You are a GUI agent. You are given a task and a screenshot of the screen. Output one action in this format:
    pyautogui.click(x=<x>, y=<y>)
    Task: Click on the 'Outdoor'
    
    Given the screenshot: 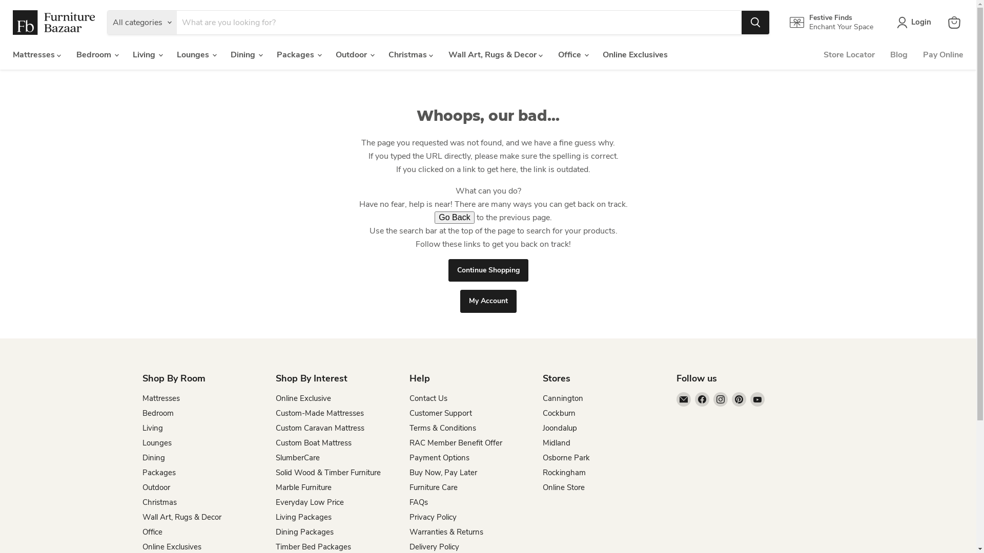 What is the action you would take?
    pyautogui.click(x=156, y=487)
    